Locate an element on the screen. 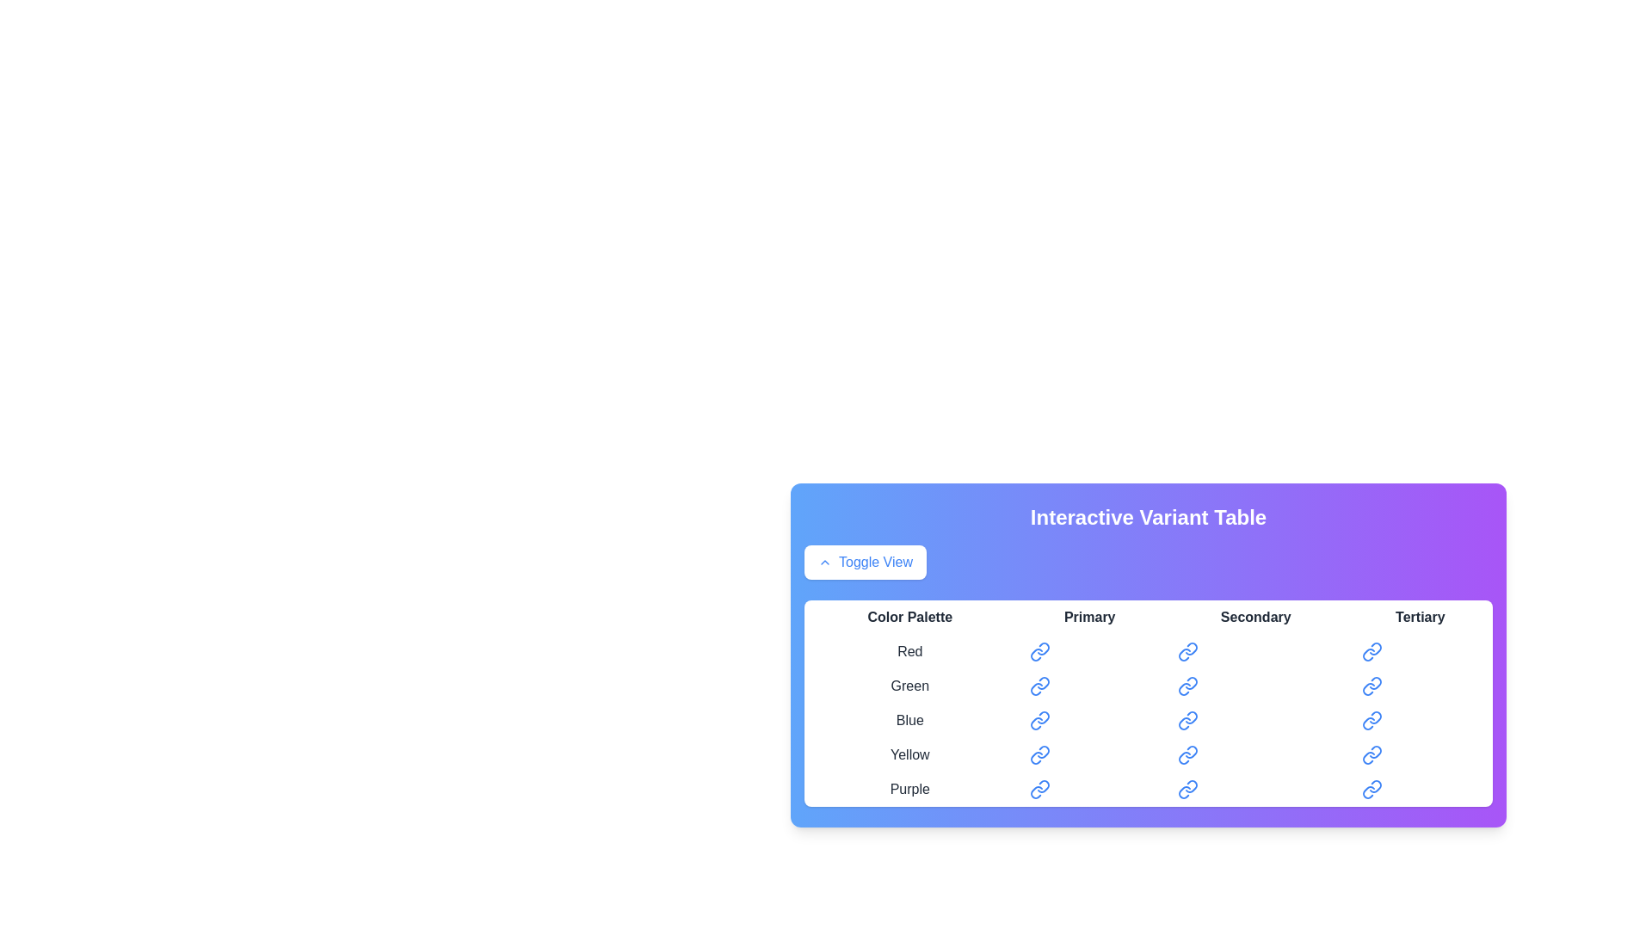 The height and width of the screenshot is (929, 1652). the link icon in the 'Interactive Variant Table' located in the 'Red' row and 'Primary' column, which is the first icon of two similar icons is located at coordinates (1042, 649).